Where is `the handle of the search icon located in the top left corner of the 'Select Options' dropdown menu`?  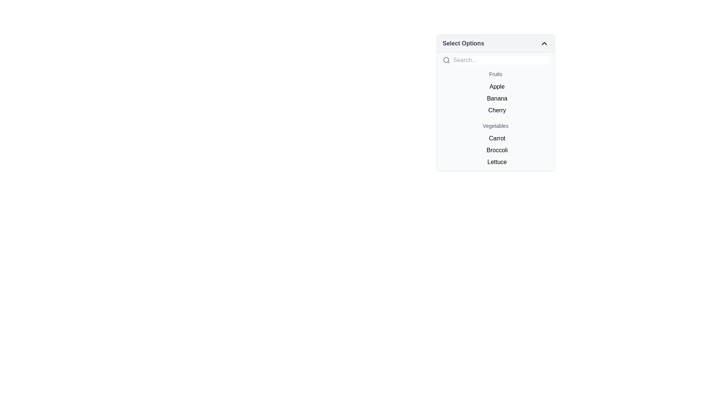 the handle of the search icon located in the top left corner of the 'Select Options' dropdown menu is located at coordinates (445, 59).